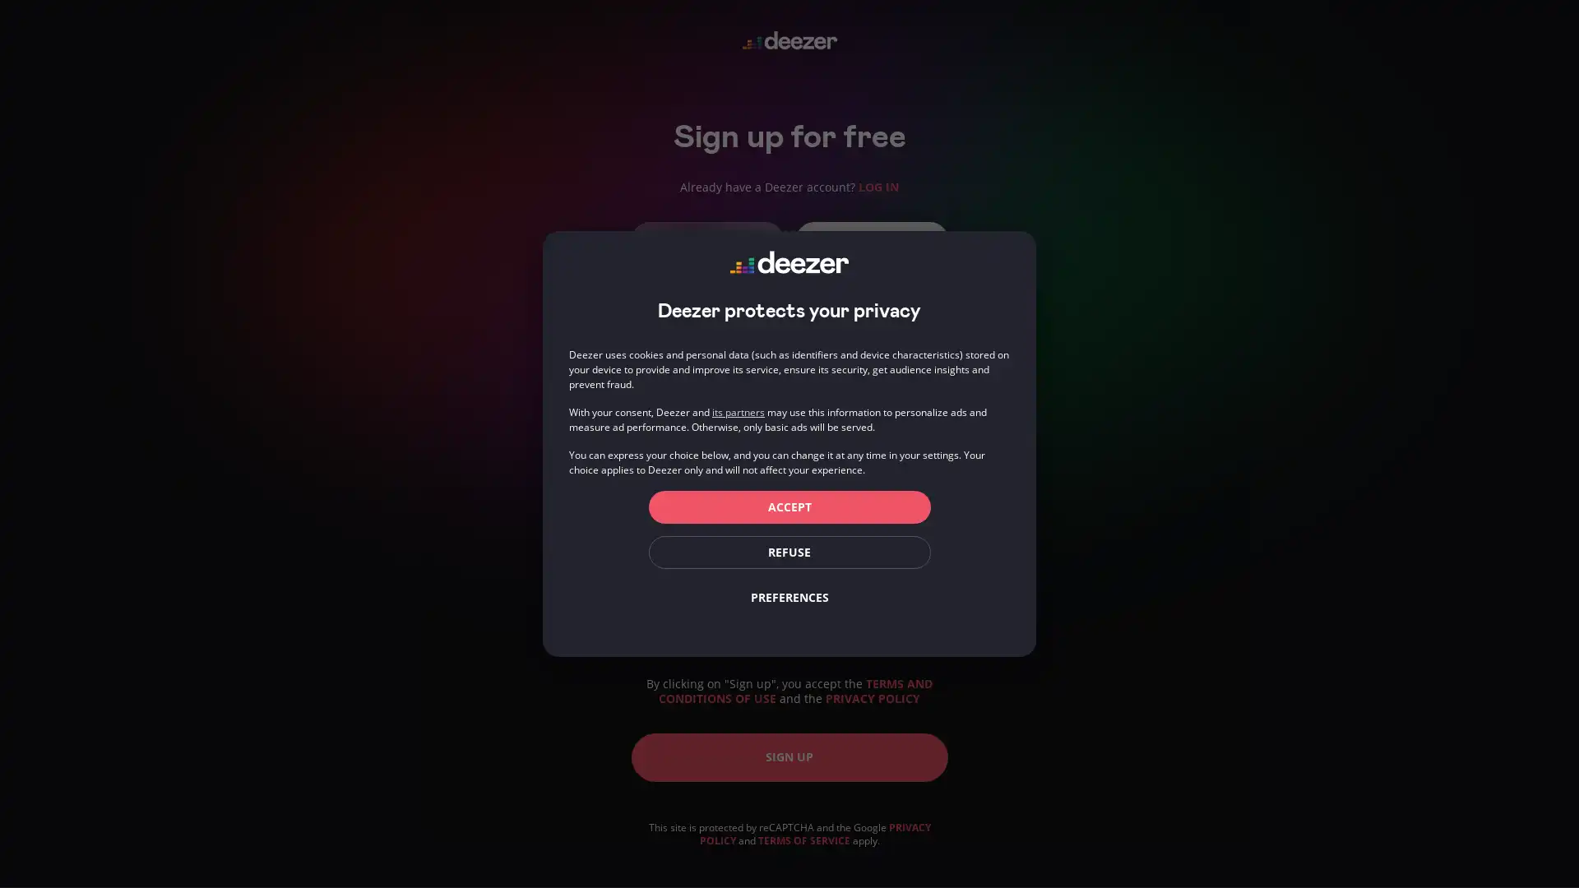  I want to click on FACEBOOK, so click(706, 238).